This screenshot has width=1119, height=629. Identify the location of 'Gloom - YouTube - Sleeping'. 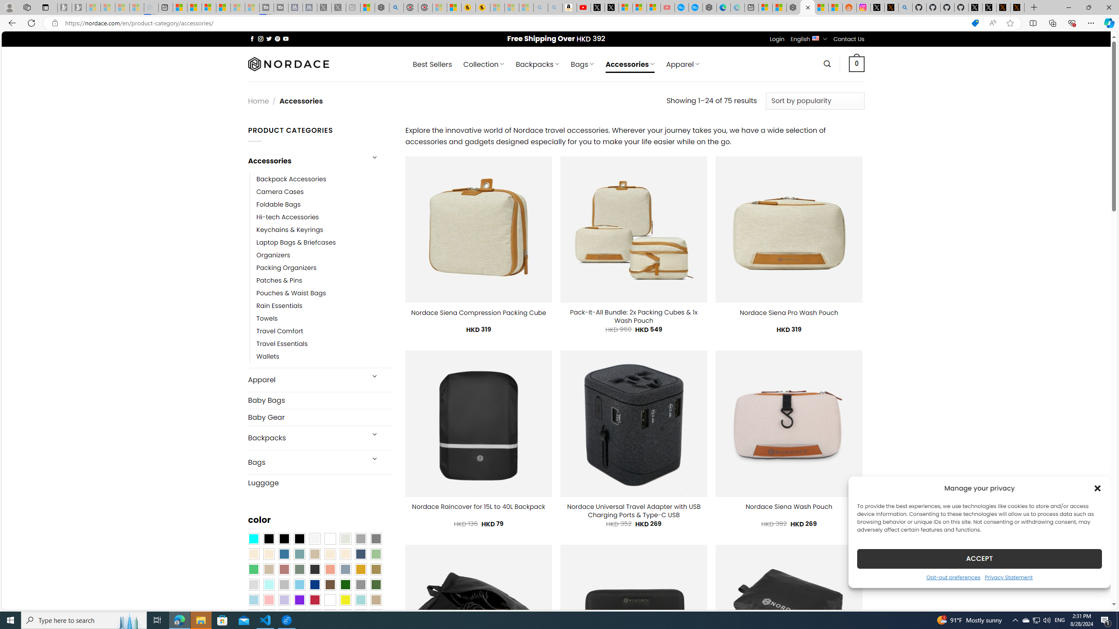
(667, 7).